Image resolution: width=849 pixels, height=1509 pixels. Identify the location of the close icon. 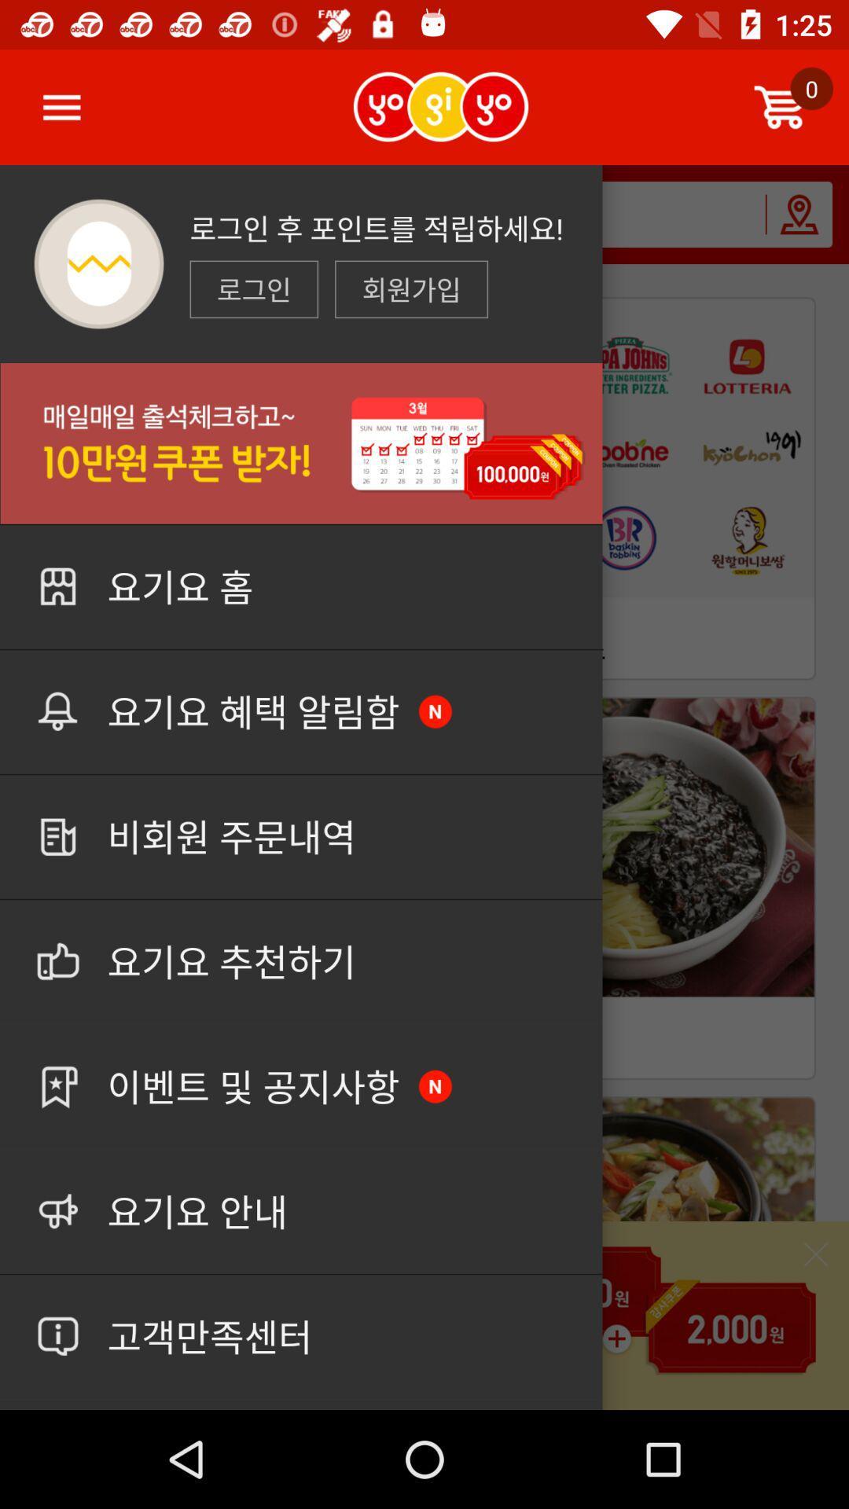
(814, 1254).